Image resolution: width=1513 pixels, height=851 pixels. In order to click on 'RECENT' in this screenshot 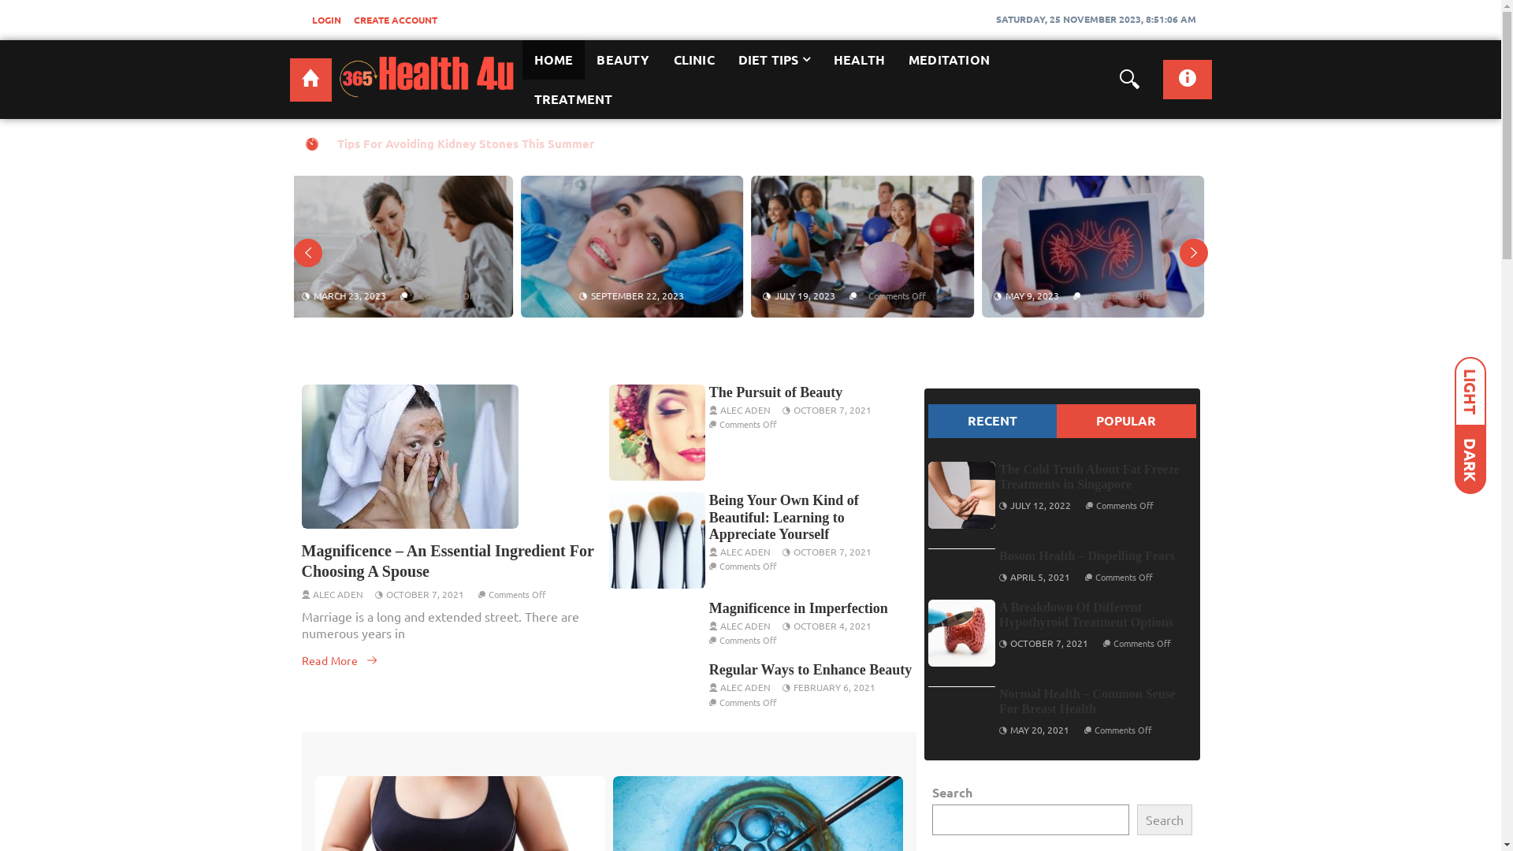, I will do `click(991, 420)`.